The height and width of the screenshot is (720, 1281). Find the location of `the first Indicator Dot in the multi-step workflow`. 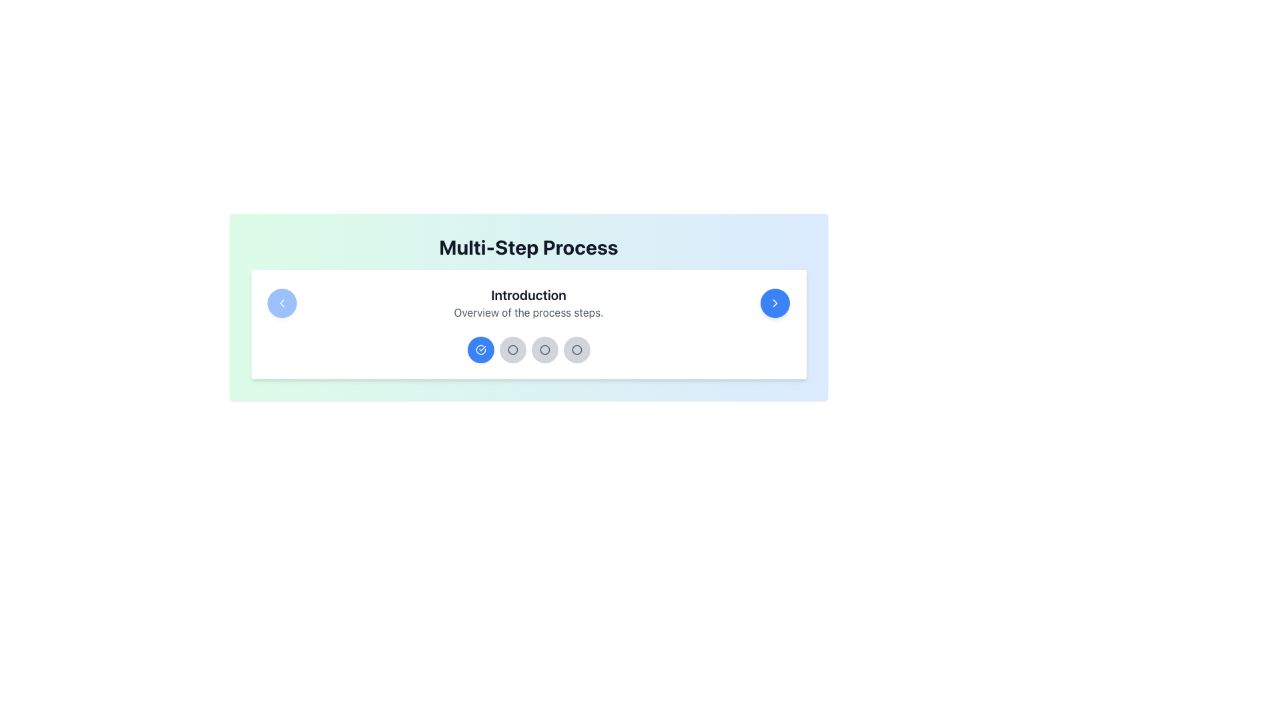

the first Indicator Dot in the multi-step workflow is located at coordinates (480, 349).